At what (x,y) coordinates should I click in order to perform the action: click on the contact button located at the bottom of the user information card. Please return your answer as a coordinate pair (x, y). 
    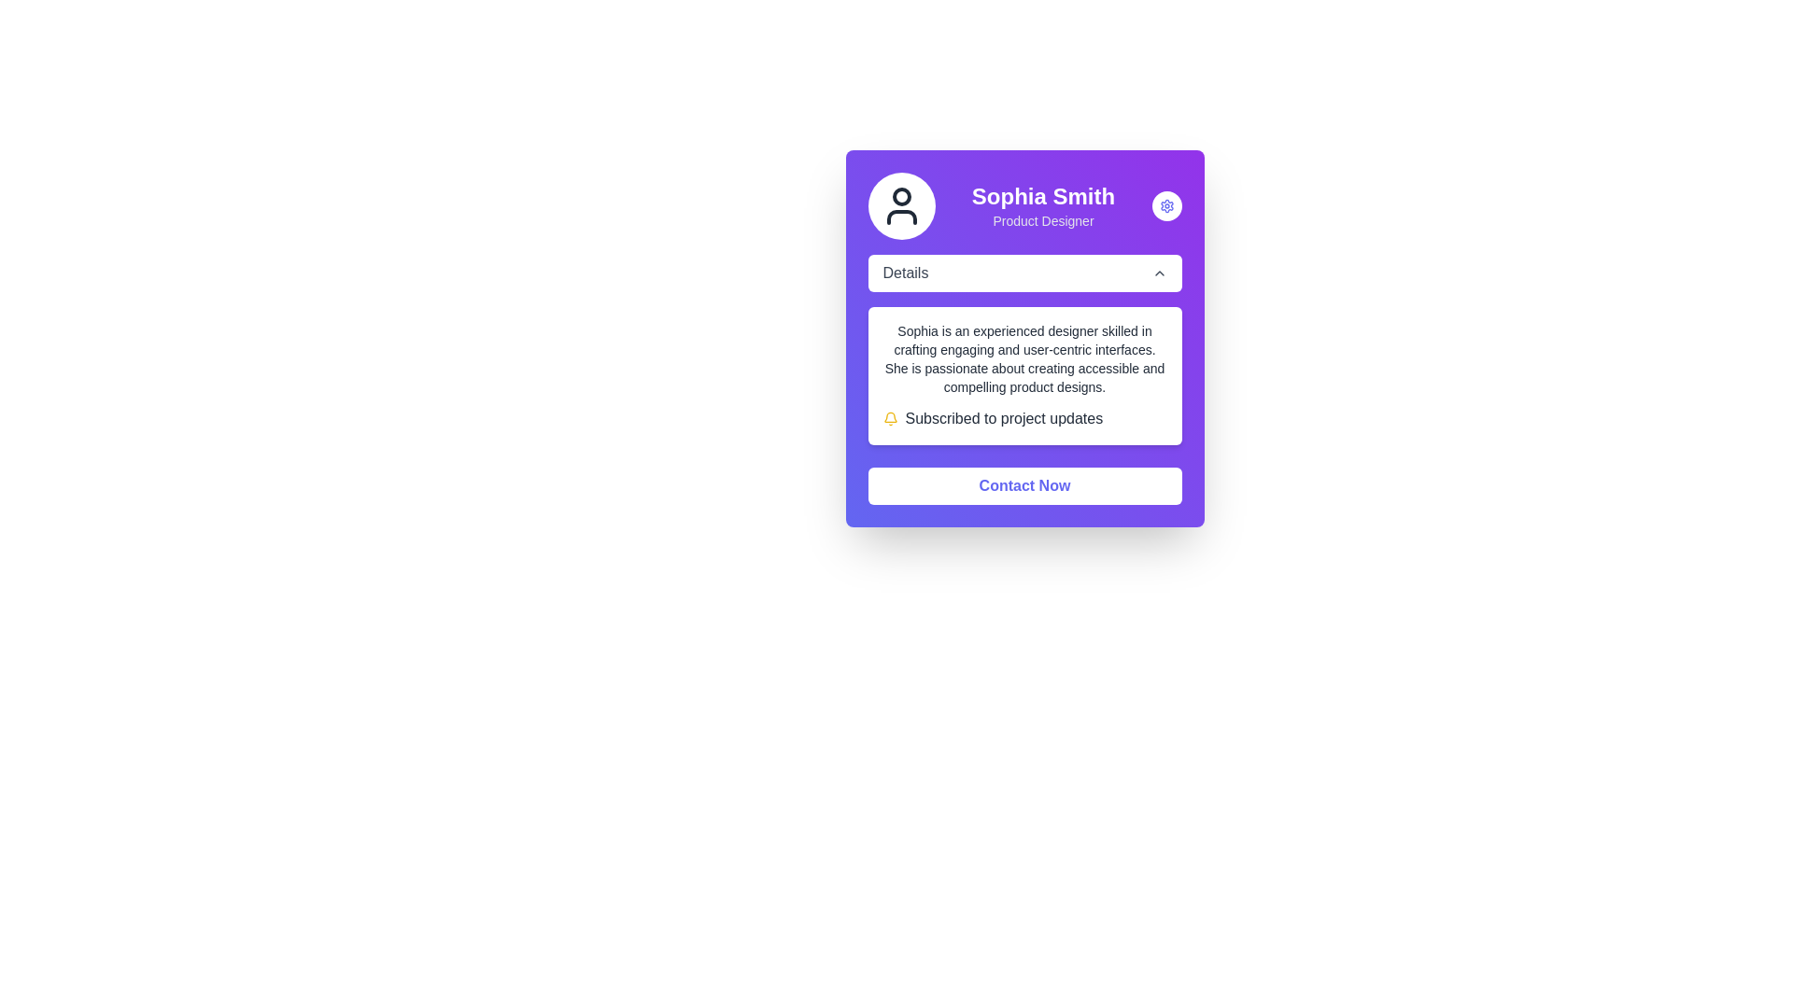
    Looking at the image, I should click on (1024, 484).